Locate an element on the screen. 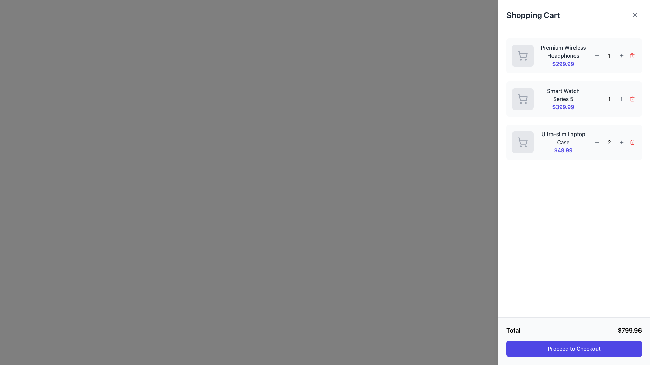 The height and width of the screenshot is (365, 650). the shopping cart icon representing the Ultra-slim Laptop Case, which is positioned to the left of the product name is located at coordinates (522, 141).